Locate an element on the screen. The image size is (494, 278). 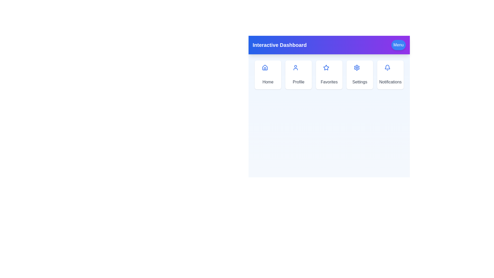
the Profile menu option is located at coordinates (298, 75).